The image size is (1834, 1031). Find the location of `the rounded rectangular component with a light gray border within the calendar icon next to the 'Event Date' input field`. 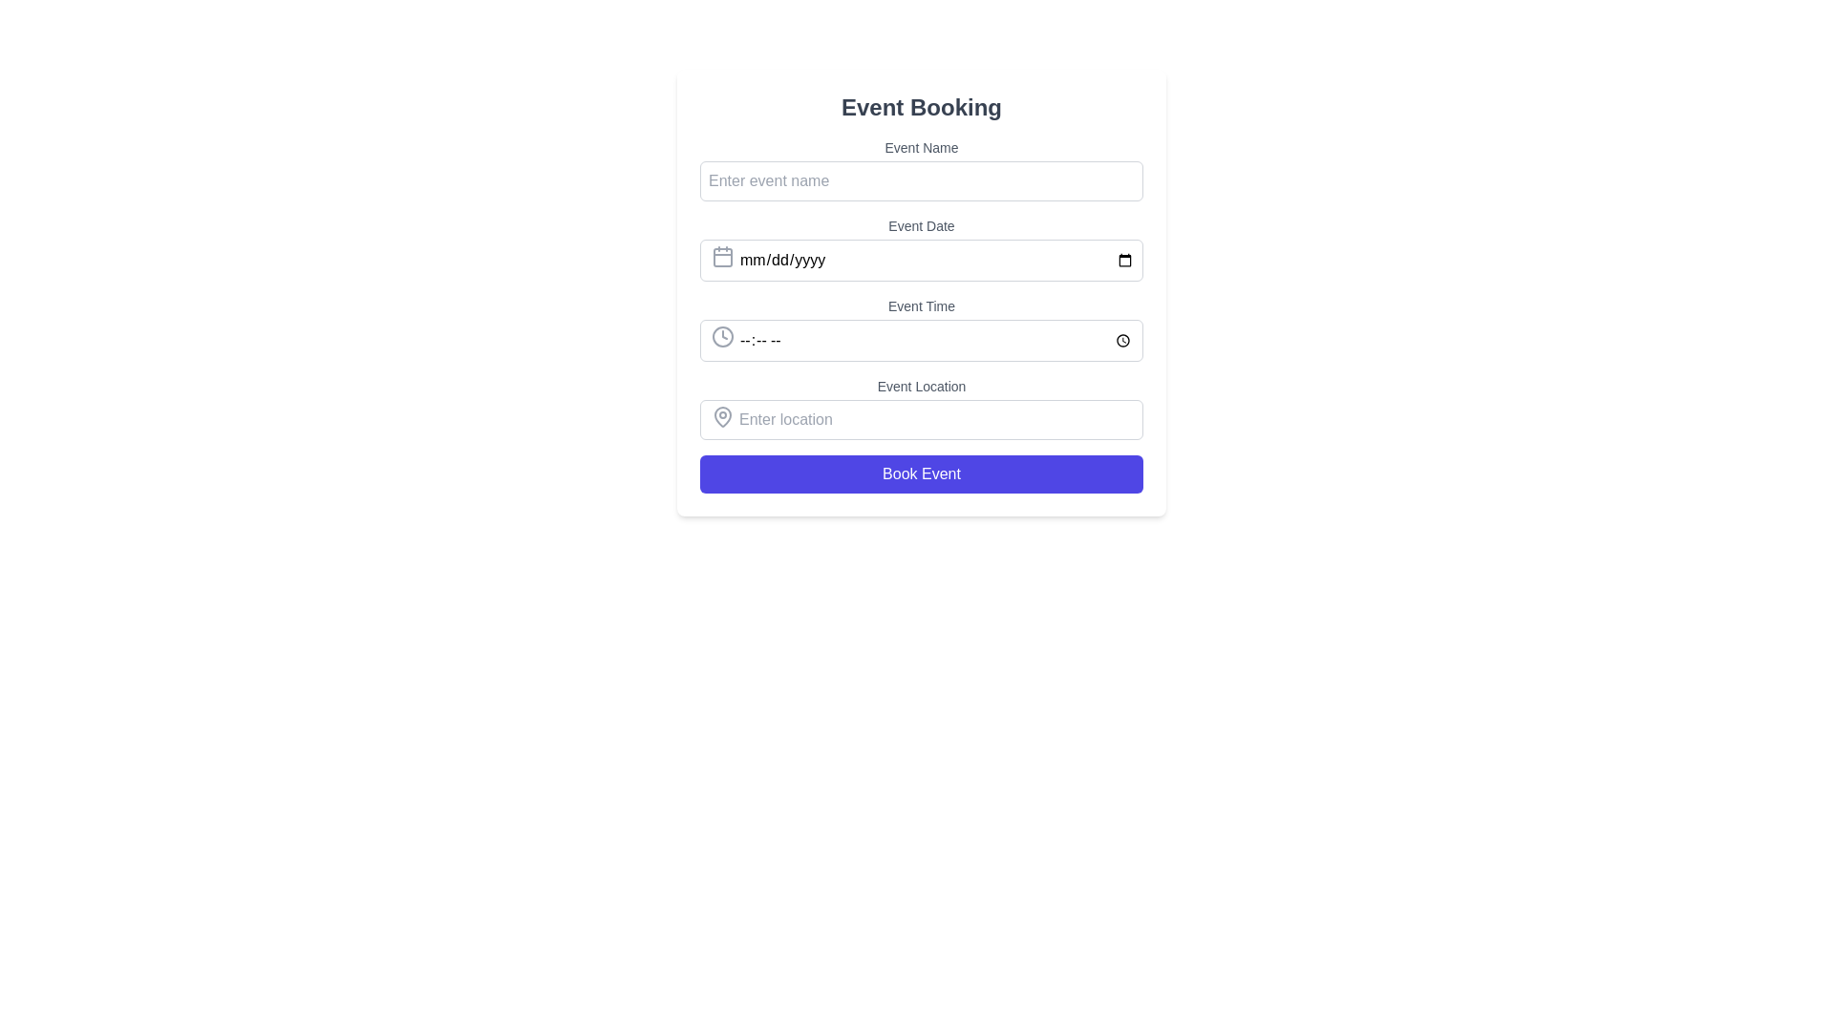

the rounded rectangular component with a light gray border within the calendar icon next to the 'Event Date' input field is located at coordinates (722, 258).